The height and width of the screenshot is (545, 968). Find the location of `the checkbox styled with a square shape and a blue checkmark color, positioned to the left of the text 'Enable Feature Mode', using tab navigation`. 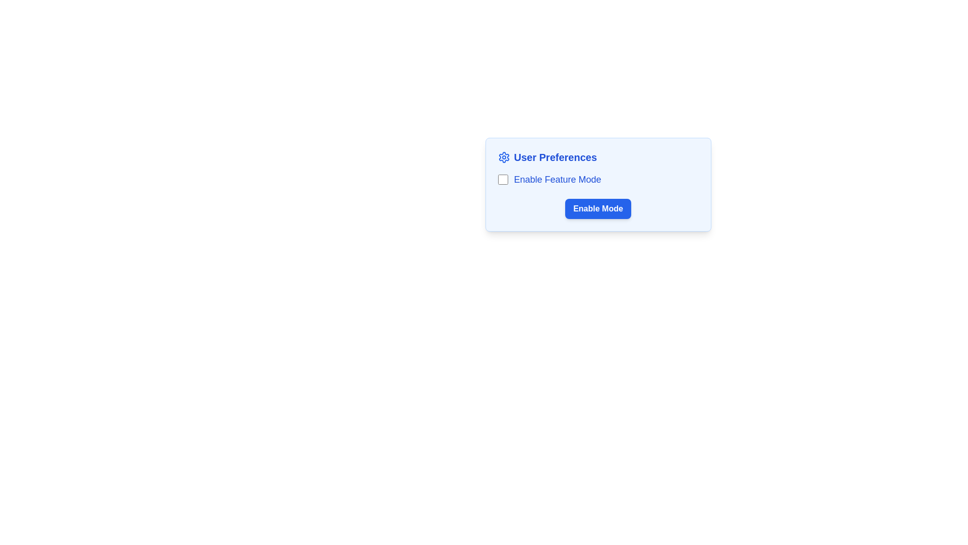

the checkbox styled with a square shape and a blue checkmark color, positioned to the left of the text 'Enable Feature Mode', using tab navigation is located at coordinates (503, 179).